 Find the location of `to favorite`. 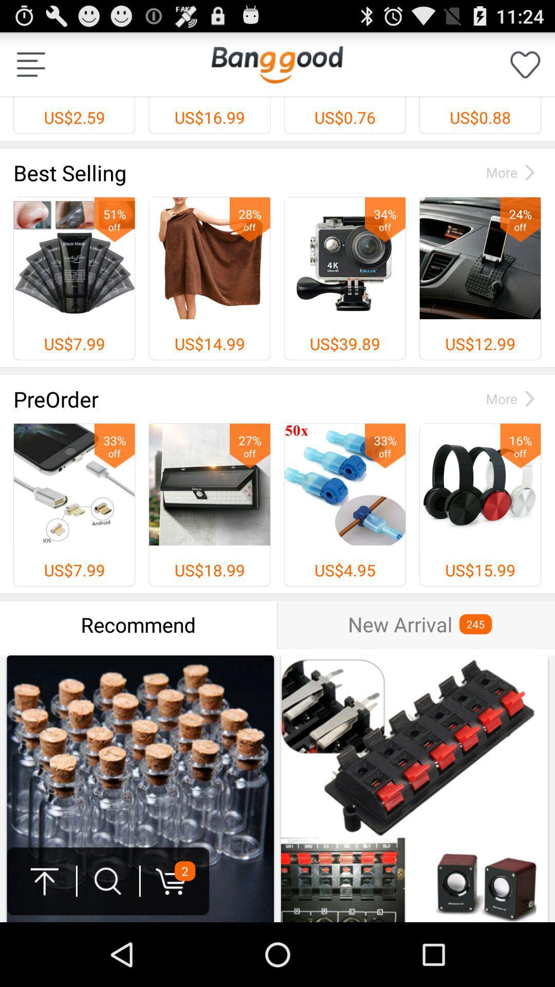

to favorite is located at coordinates (525, 64).